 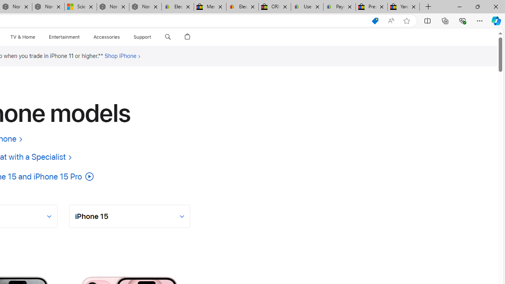 I want to click on 'Support', so click(x=142, y=37).